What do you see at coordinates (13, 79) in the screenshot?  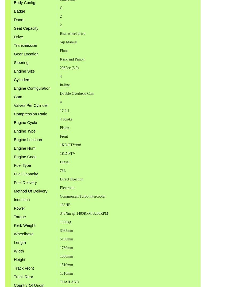 I see `'Cylinders'` at bounding box center [13, 79].